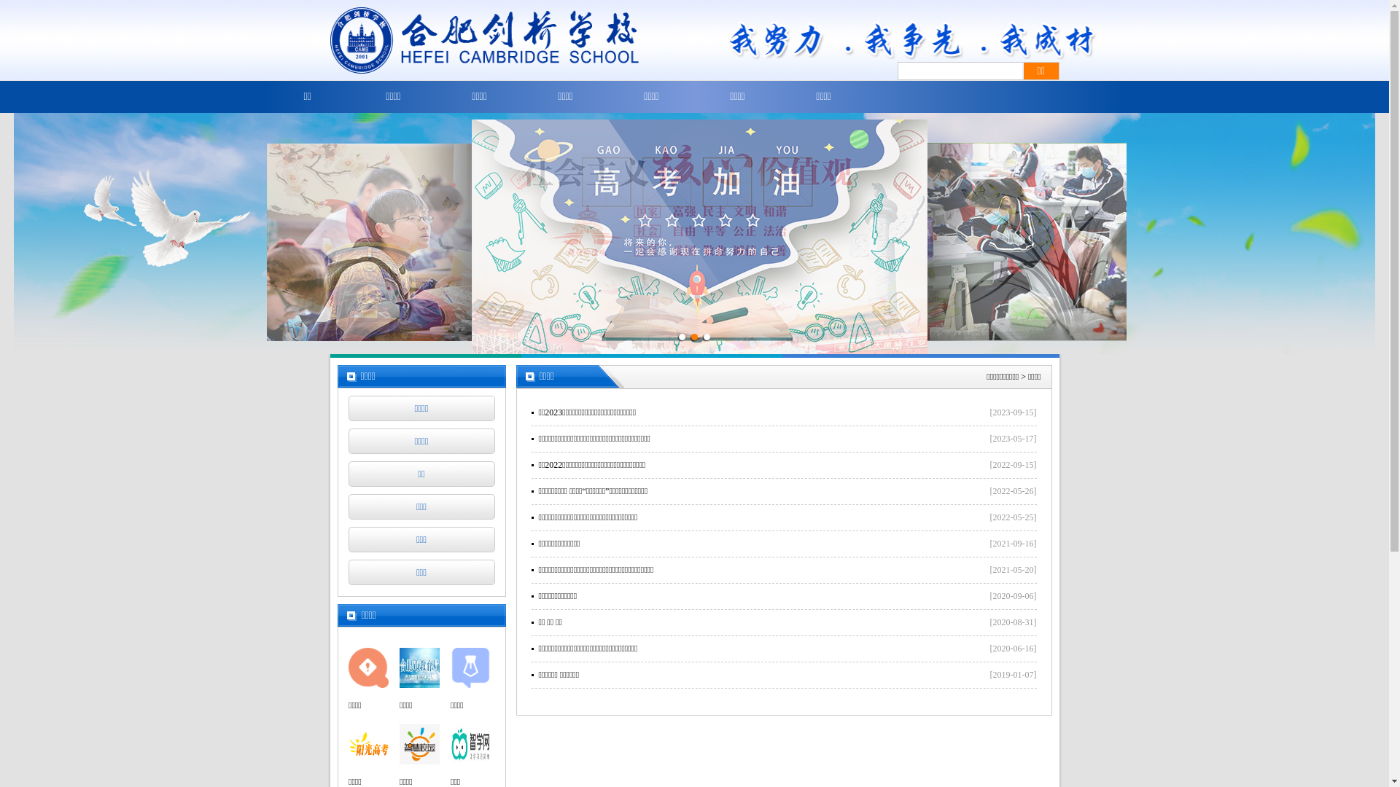  I want to click on '1', so click(681, 337).